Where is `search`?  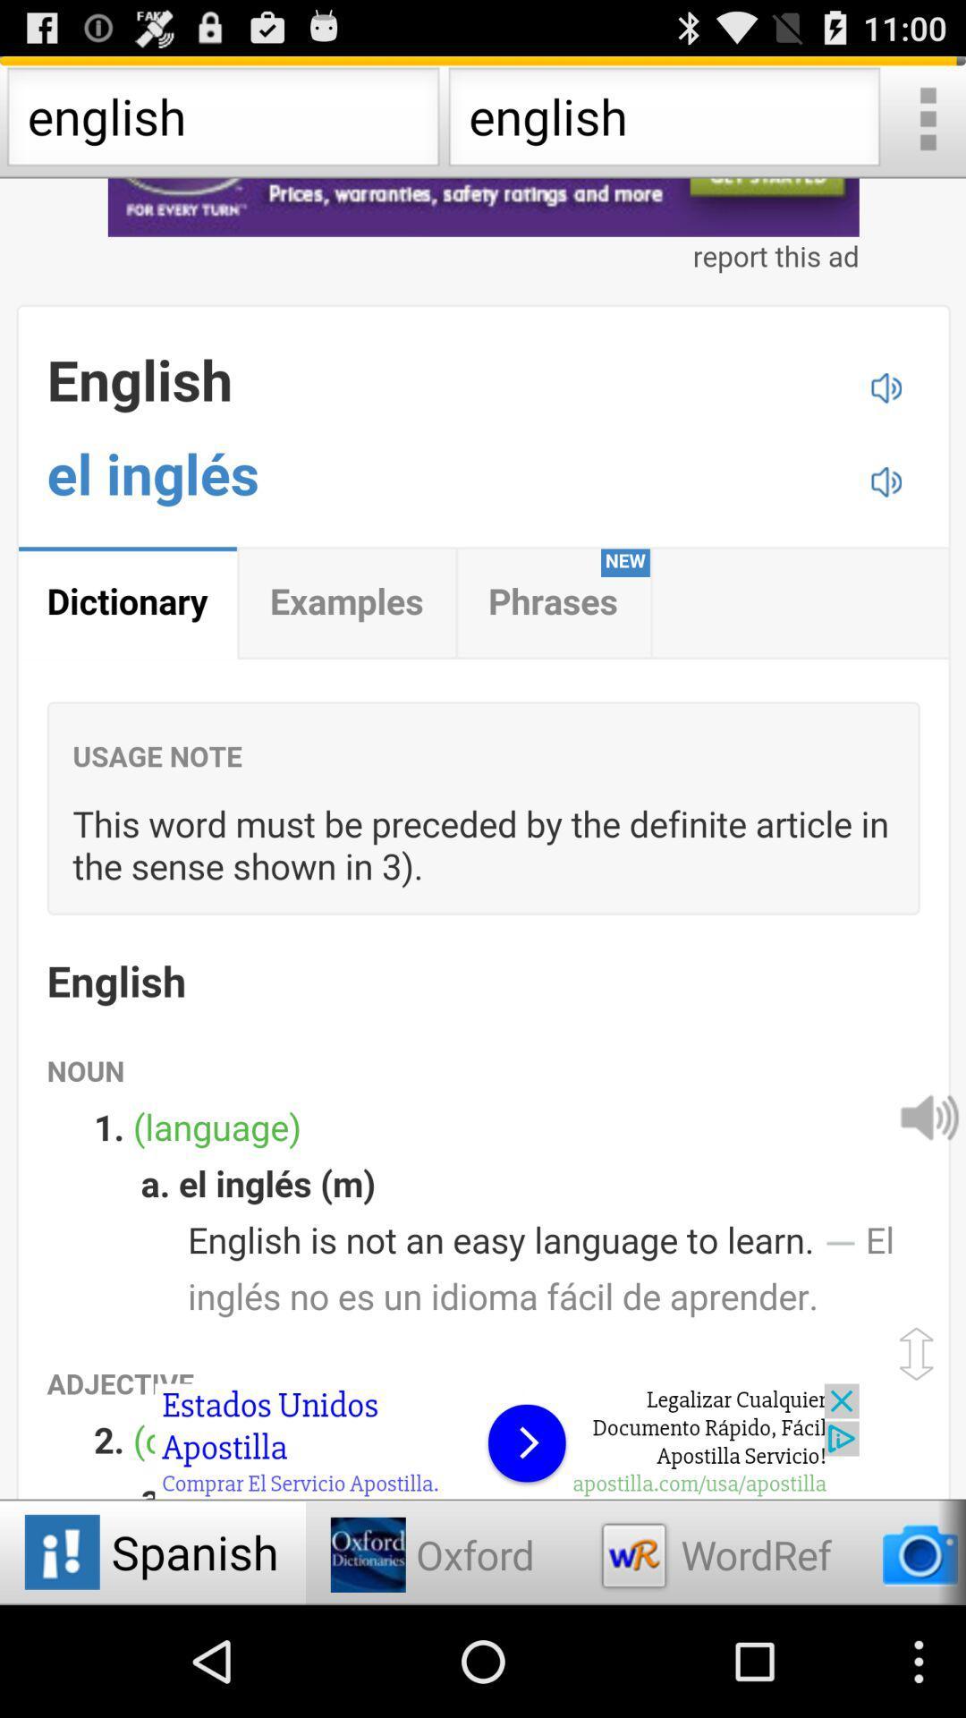 search is located at coordinates (926, 121).